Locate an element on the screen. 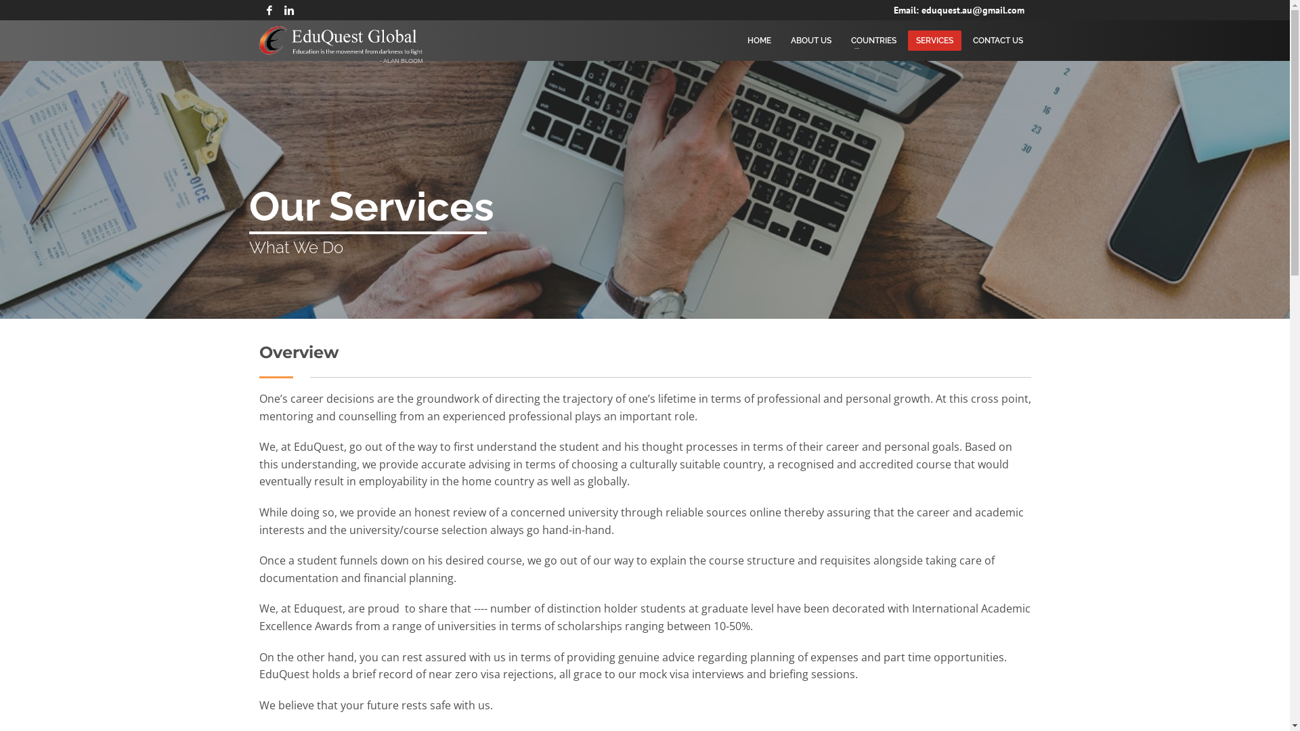 This screenshot has width=1300, height=731. 'HOME' is located at coordinates (738, 40).